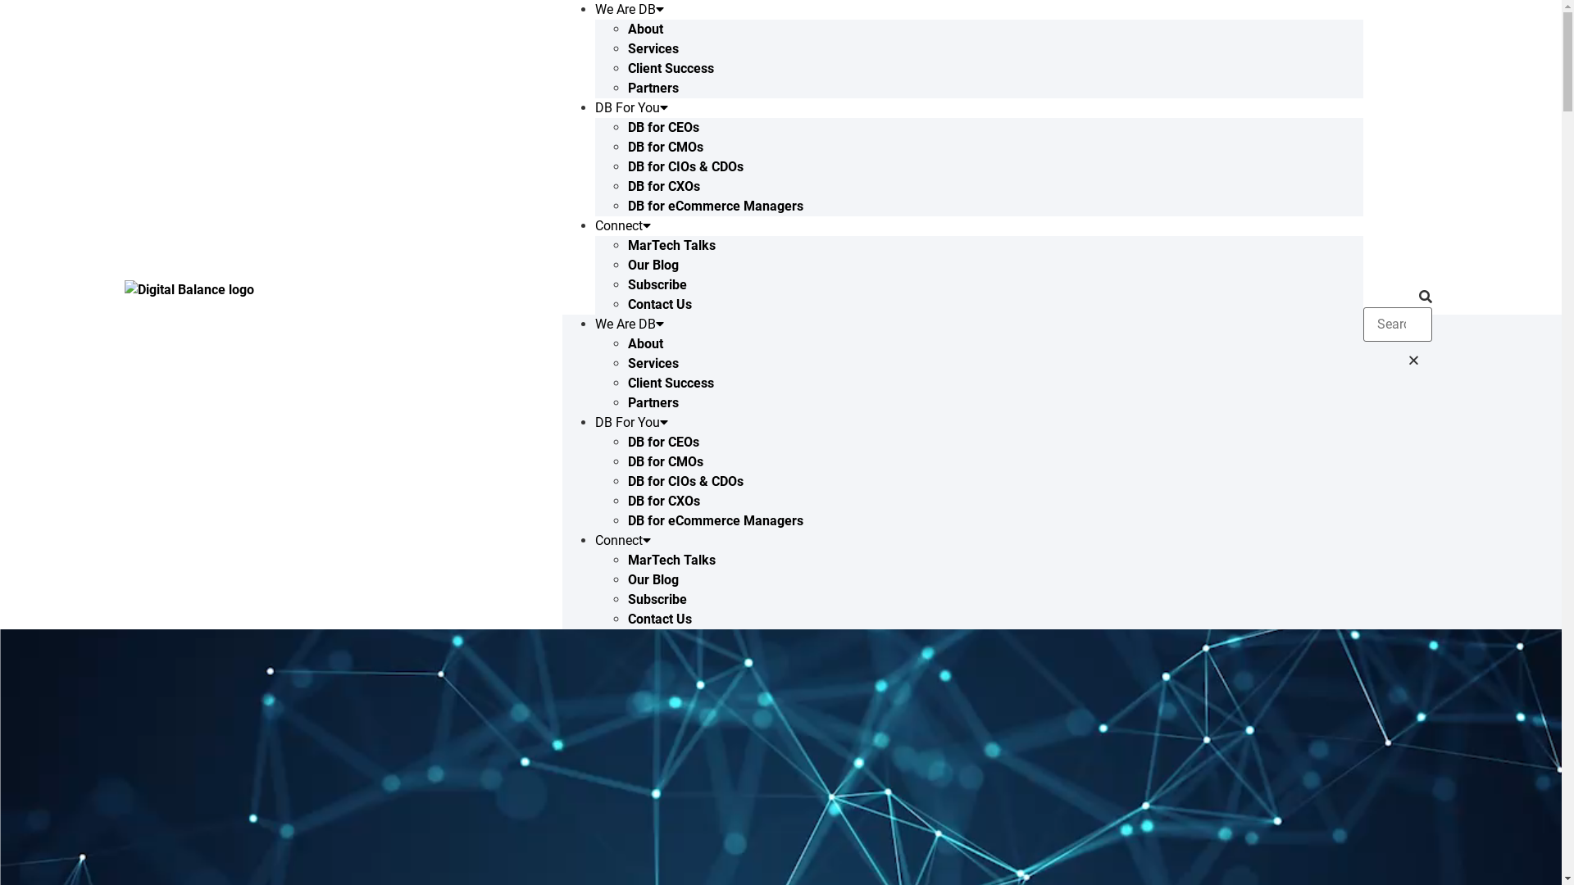 The height and width of the screenshot is (885, 1574). What do you see at coordinates (671, 383) in the screenshot?
I see `'Client Success'` at bounding box center [671, 383].